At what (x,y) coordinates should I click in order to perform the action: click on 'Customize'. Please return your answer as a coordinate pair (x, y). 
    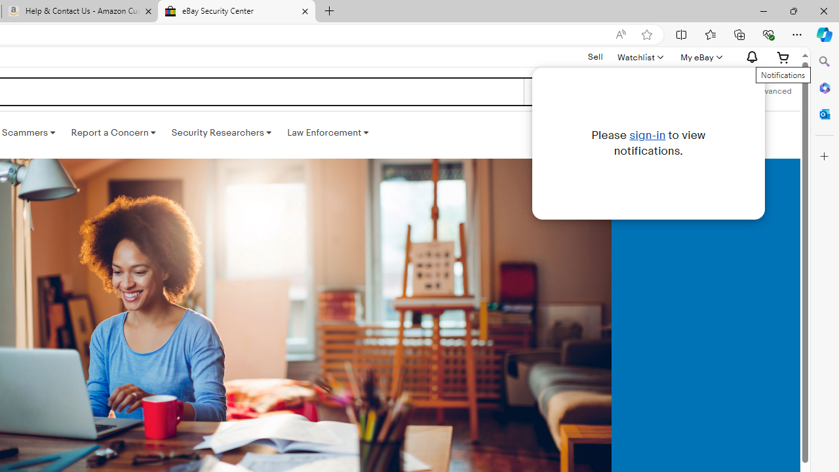
    Looking at the image, I should click on (824, 156).